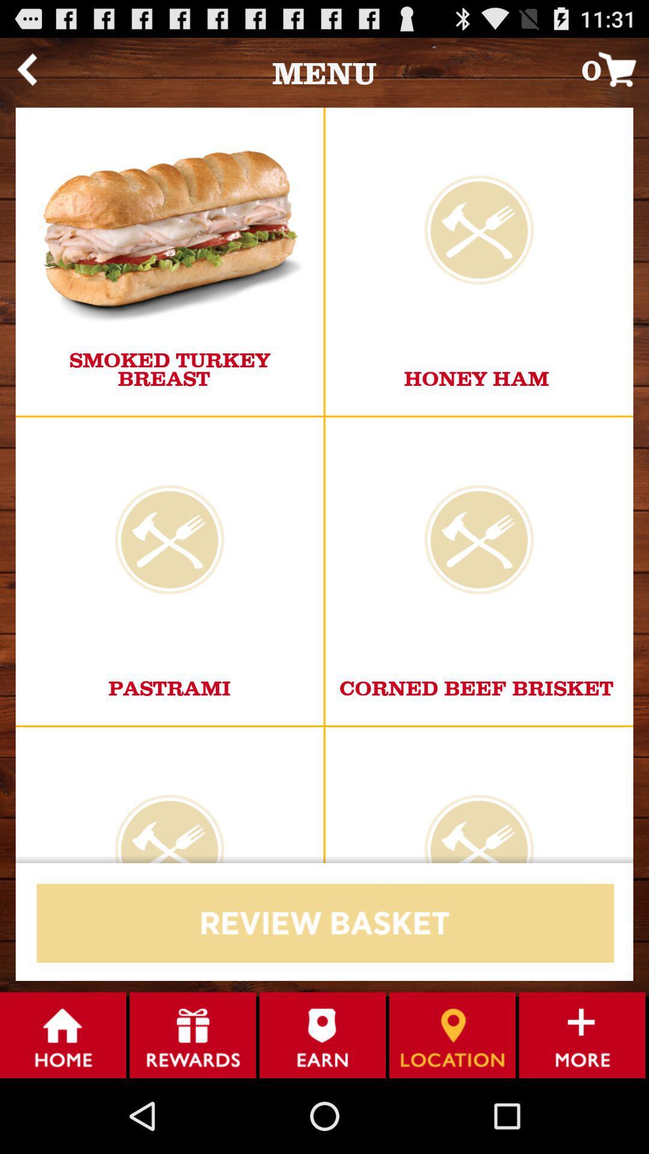 The width and height of the screenshot is (649, 1154). What do you see at coordinates (26, 69) in the screenshot?
I see `app next to the menu` at bounding box center [26, 69].